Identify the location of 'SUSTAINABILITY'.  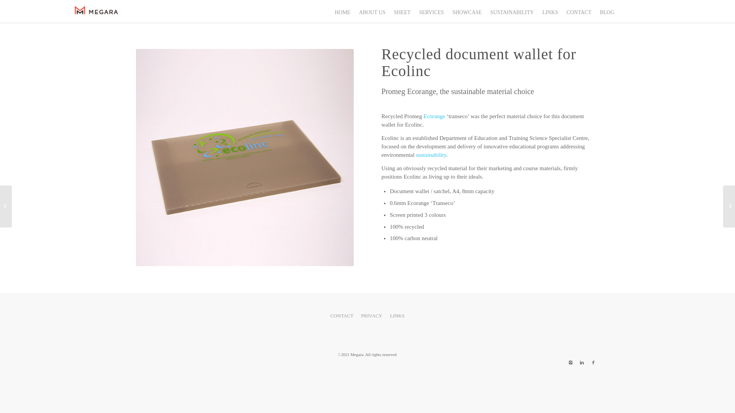
(485, 11).